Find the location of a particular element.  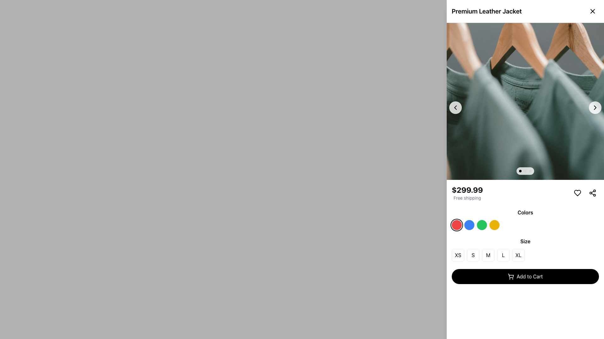

the button with a heart-shaped icon located at the top-right corner of the product description area is located at coordinates (578, 192).